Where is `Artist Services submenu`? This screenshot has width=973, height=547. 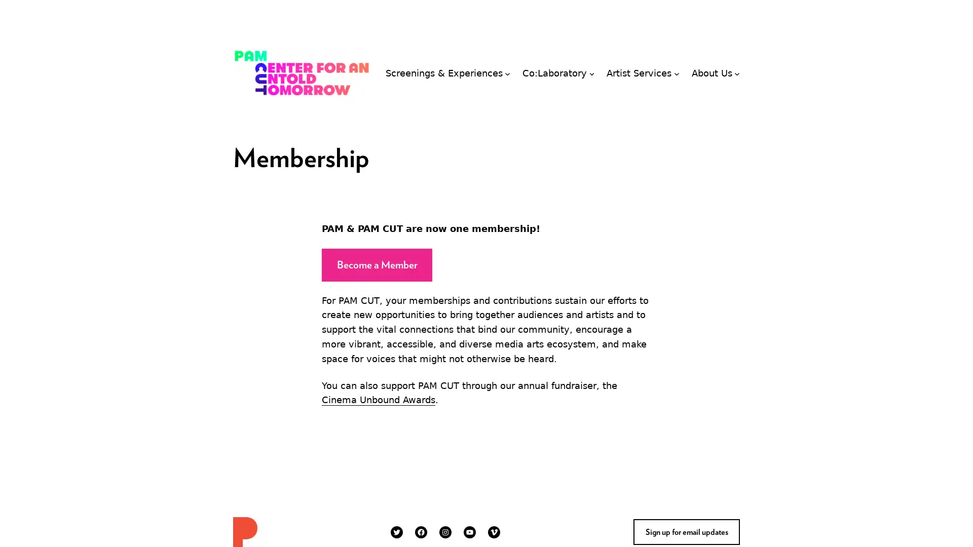
Artist Services submenu is located at coordinates (676, 72).